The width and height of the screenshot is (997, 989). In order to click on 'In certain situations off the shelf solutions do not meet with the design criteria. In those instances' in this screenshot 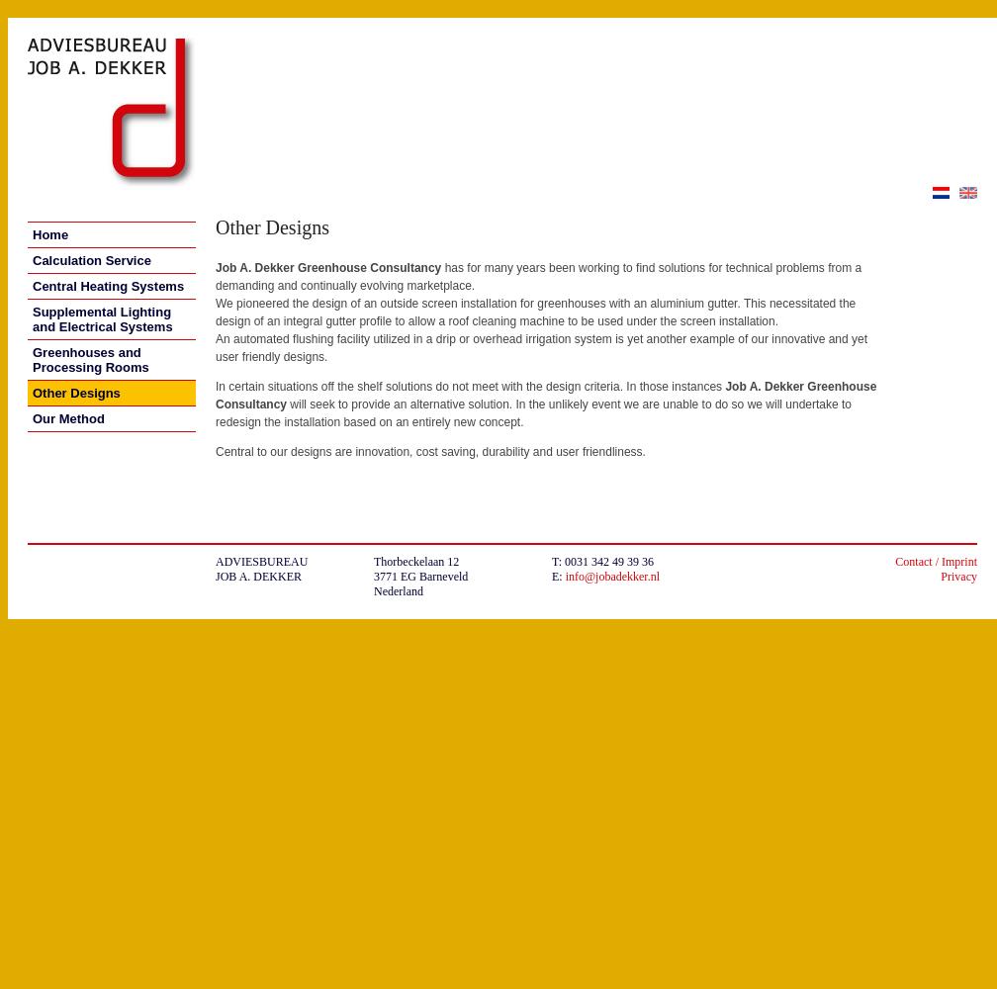, I will do `click(470, 387)`.